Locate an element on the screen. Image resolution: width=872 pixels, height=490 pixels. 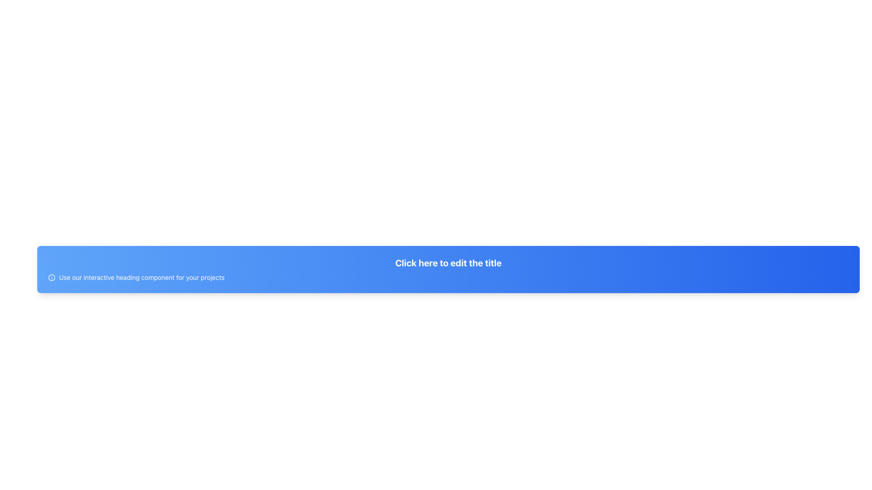
the title text display that says 'Click here to edit the title' is located at coordinates (448, 263).